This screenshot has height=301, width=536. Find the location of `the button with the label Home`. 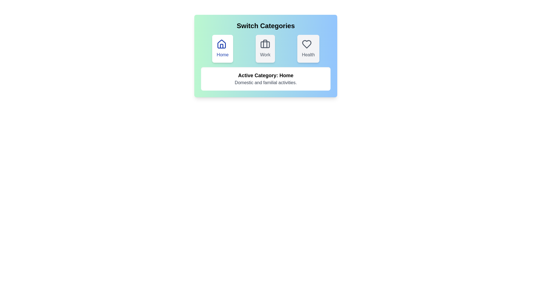

the button with the label Home is located at coordinates (222, 48).